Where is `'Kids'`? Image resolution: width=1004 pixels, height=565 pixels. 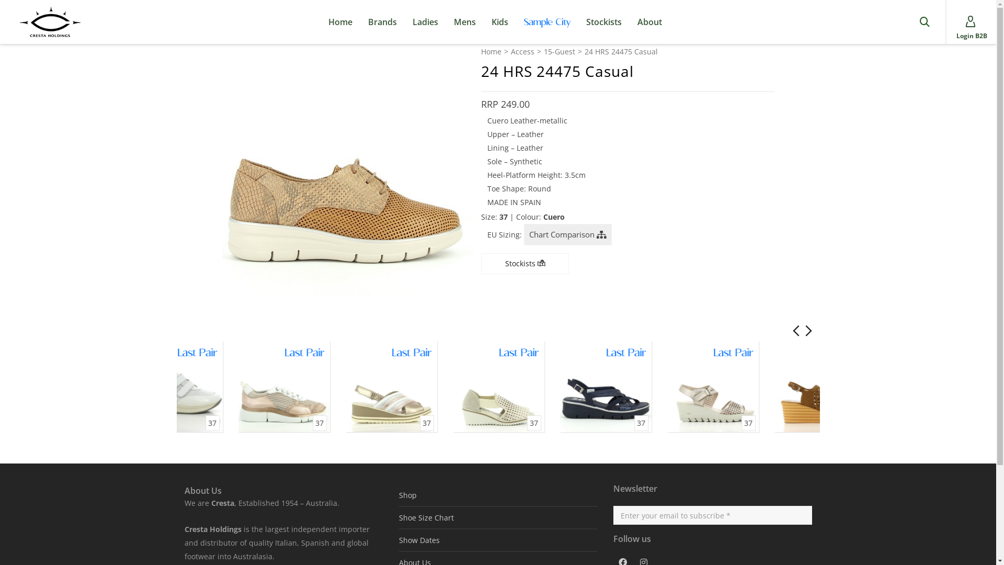
'Kids' is located at coordinates (483, 22).